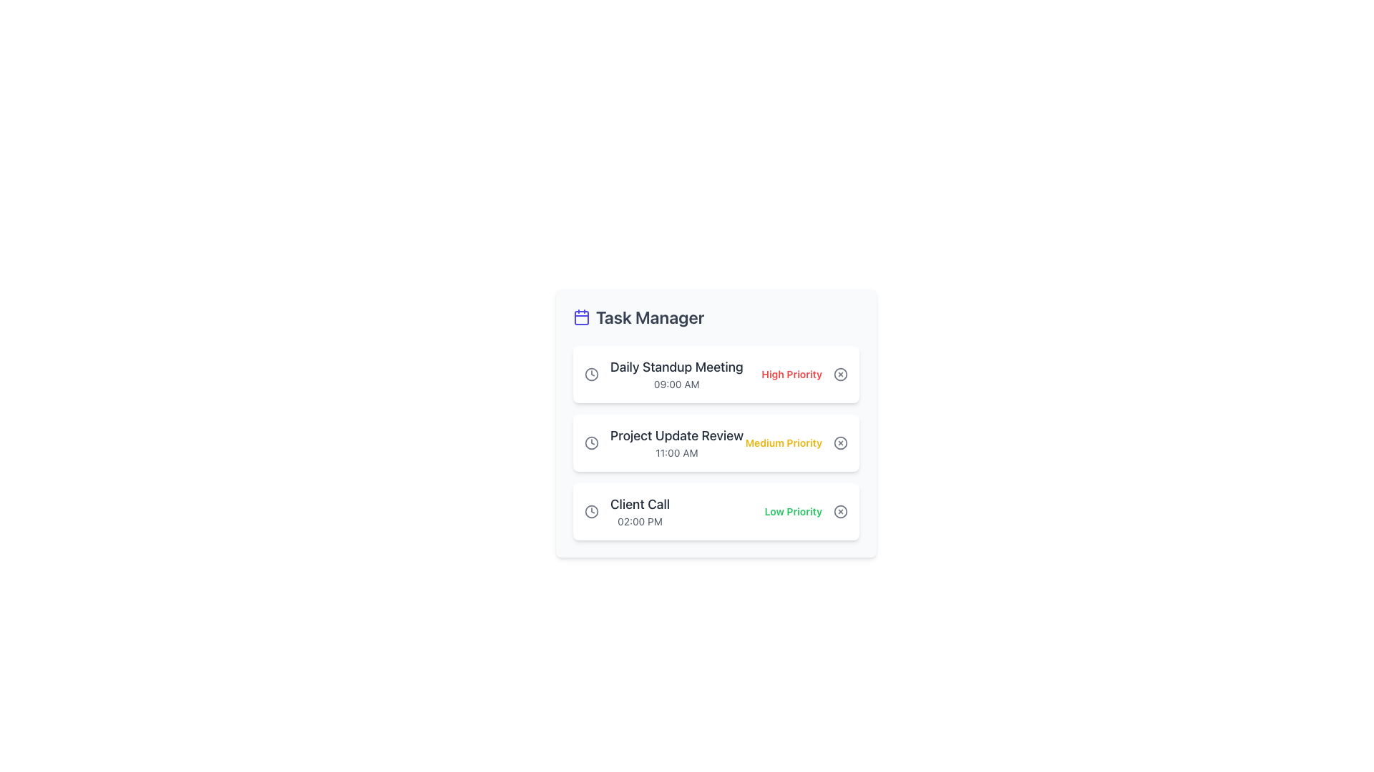 The image size is (1374, 772). What do you see at coordinates (591, 442) in the screenshot?
I see `the clock's circular structure graphical decorative component that is part of the SVG element, which represents the clock icon indicating timing details for the 'Project Update Review' list item` at bounding box center [591, 442].